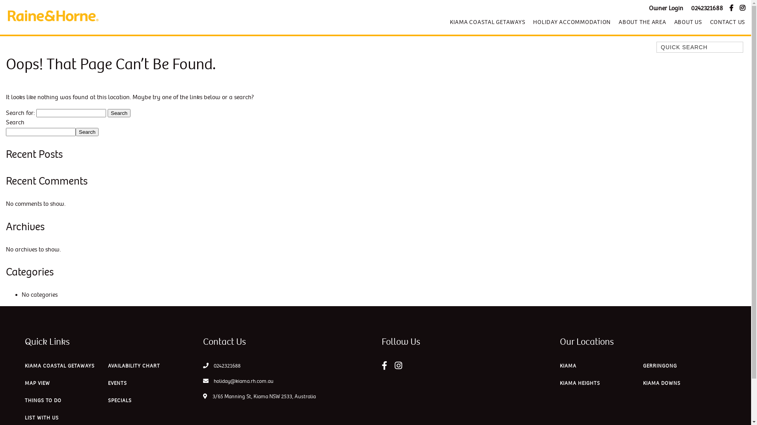 This screenshot has height=425, width=757. Describe the element at coordinates (643, 385) in the screenshot. I see `'KIAMA DOWNS'` at that location.